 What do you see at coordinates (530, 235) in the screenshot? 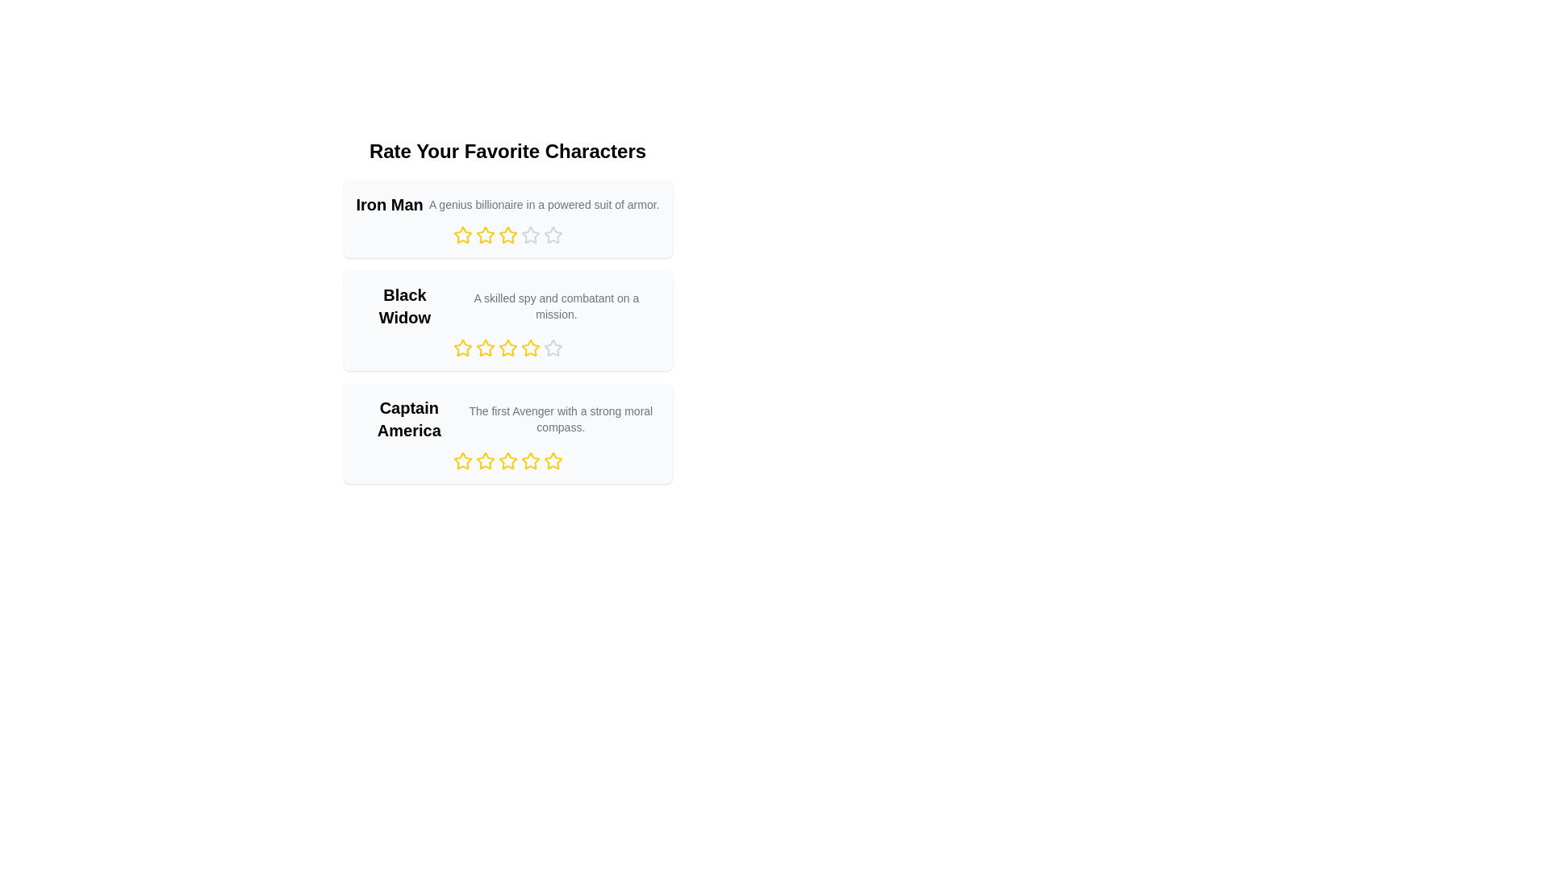
I see `the fourth star icon in the rating section for 'Iron Man' to set the rating` at bounding box center [530, 235].